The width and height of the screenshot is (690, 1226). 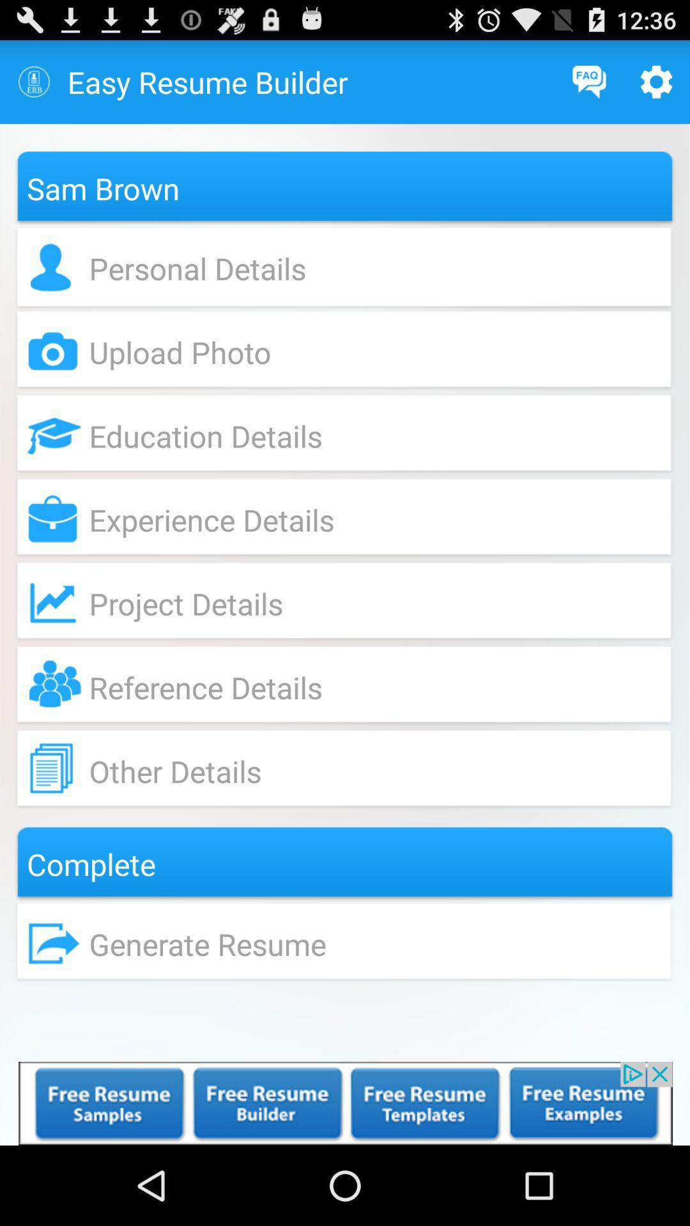 I want to click on open an advertisement, so click(x=345, y=1103).